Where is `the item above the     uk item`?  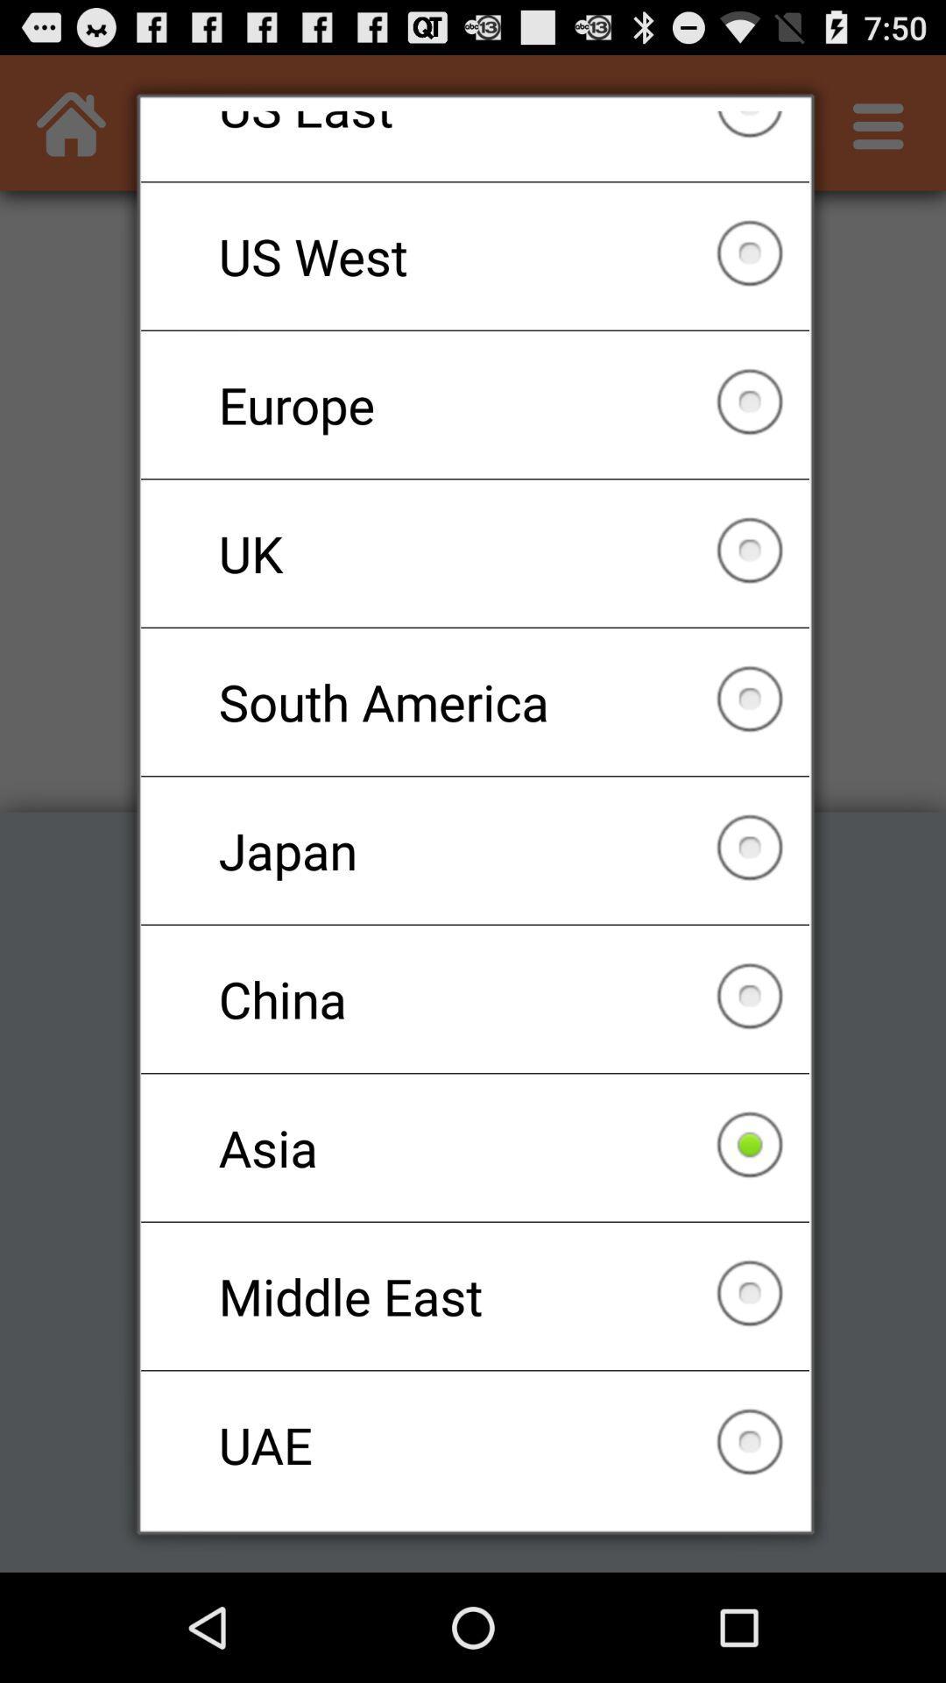
the item above the     uk item is located at coordinates (475, 403).